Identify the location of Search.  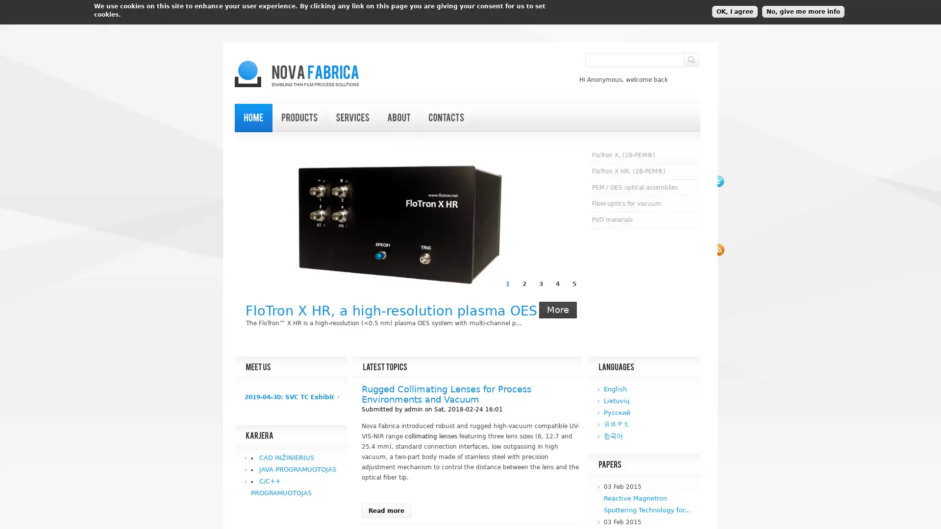
(691, 60).